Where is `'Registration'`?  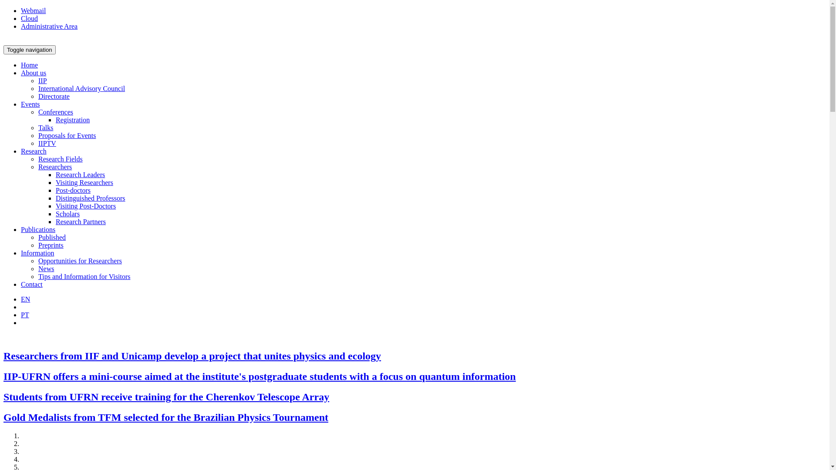 'Registration' is located at coordinates (55, 120).